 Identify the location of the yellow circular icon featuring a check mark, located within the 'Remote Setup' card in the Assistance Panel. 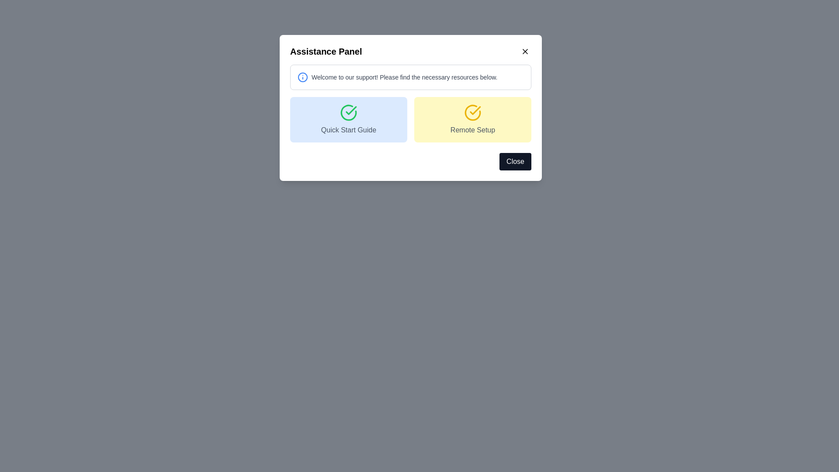
(472, 112).